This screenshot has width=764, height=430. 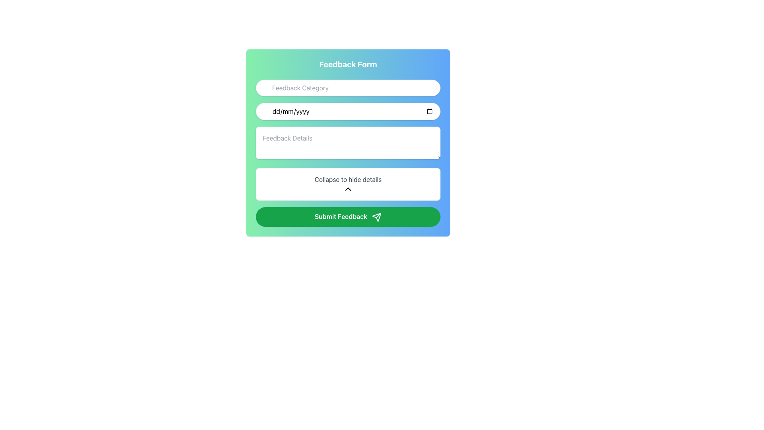 What do you see at coordinates (376, 217) in the screenshot?
I see `the decorative icon located to the right of the 'Submit Feedback' button, which visually complements the button and implies an action of sending or submitting` at bounding box center [376, 217].